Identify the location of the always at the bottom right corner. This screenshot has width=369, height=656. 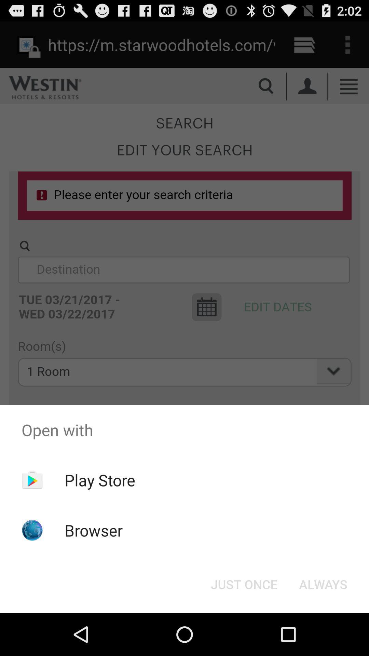
(323, 584).